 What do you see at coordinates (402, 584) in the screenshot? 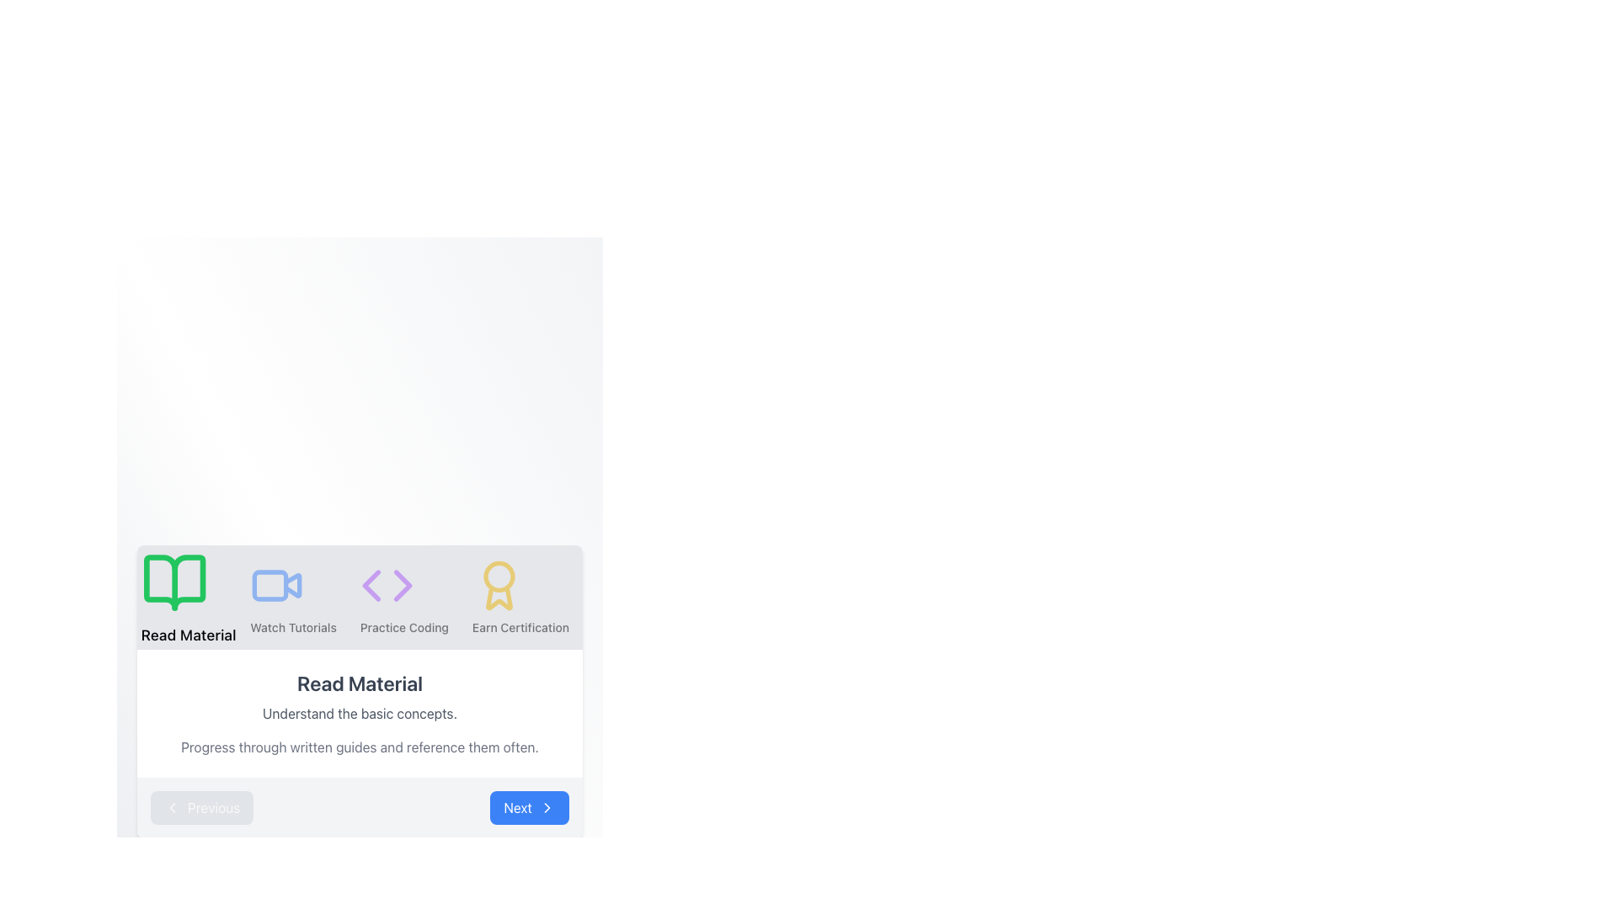
I see `the third icon from the left in the bottom row of icons, which serves as the forward or next action button for navigation` at bounding box center [402, 584].